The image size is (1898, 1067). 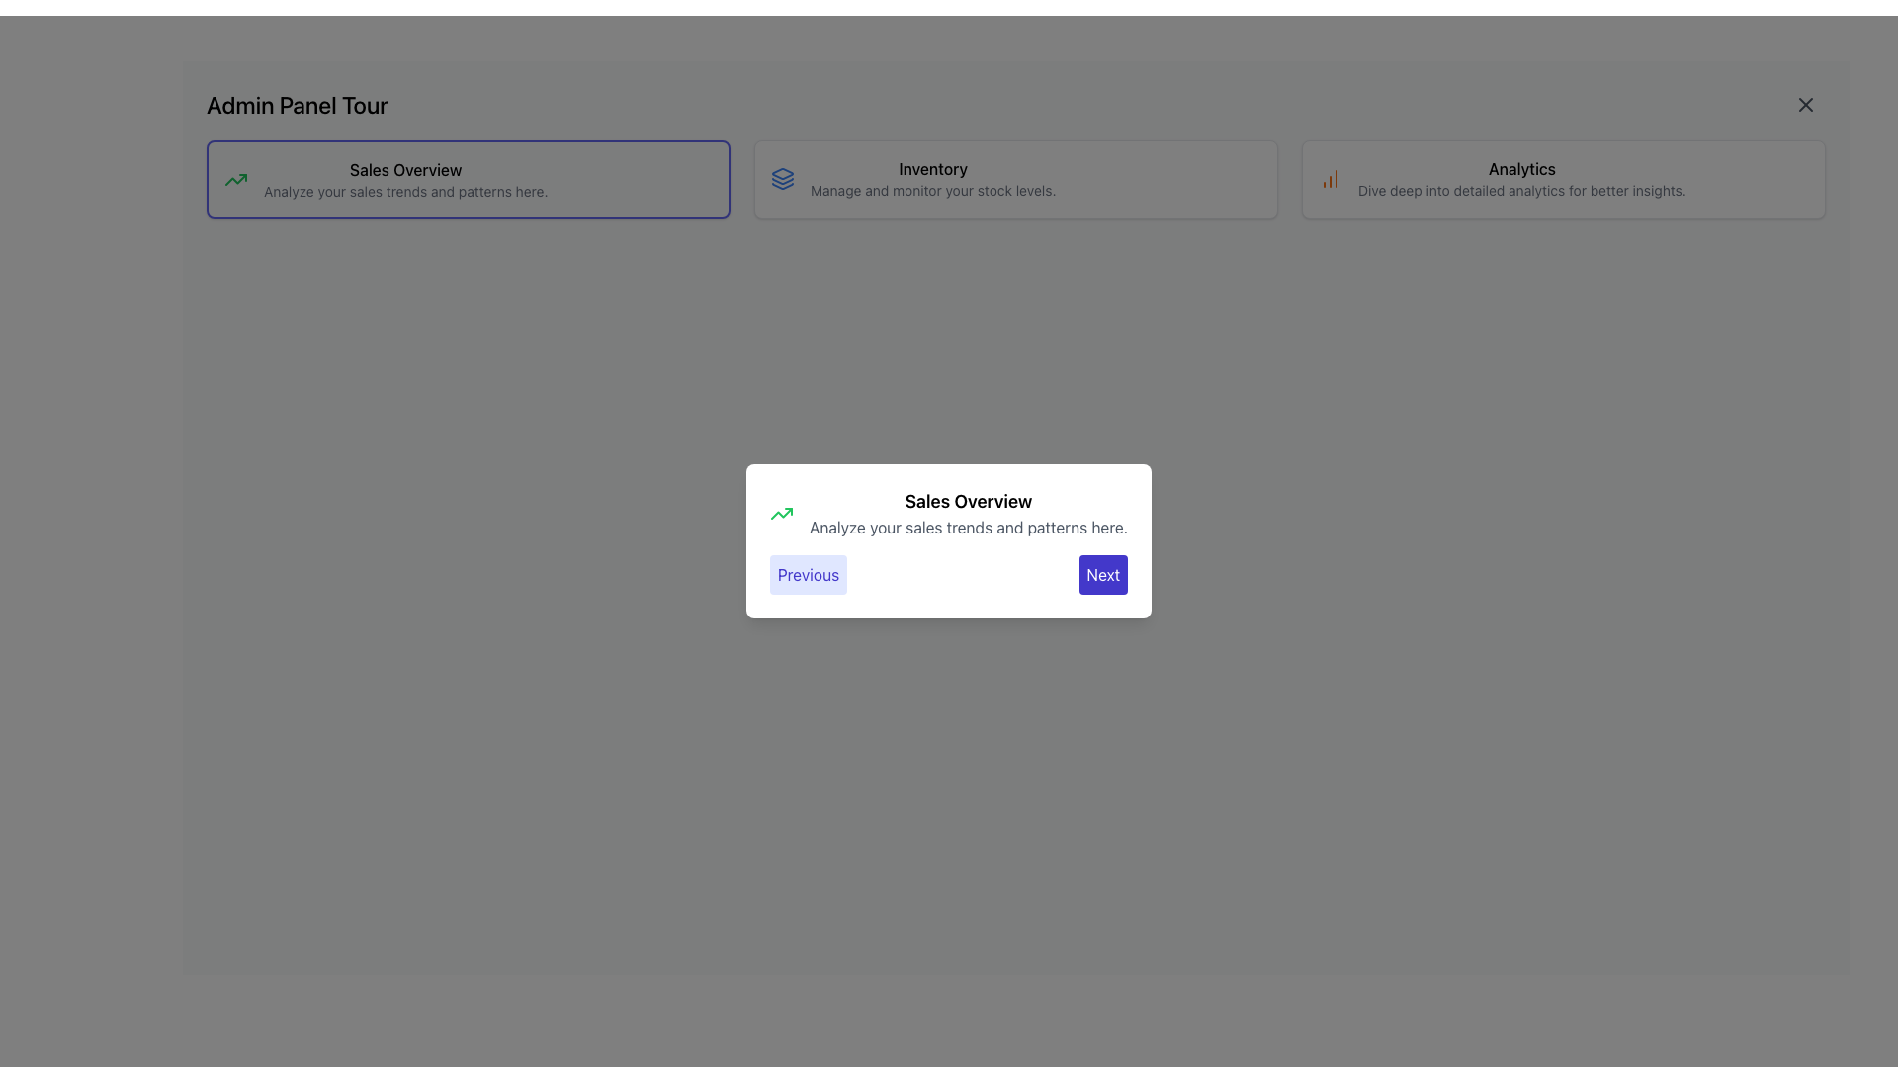 What do you see at coordinates (1520, 190) in the screenshot?
I see `descriptive text located below the 'Analytics' heading in the top-right card of the interface` at bounding box center [1520, 190].